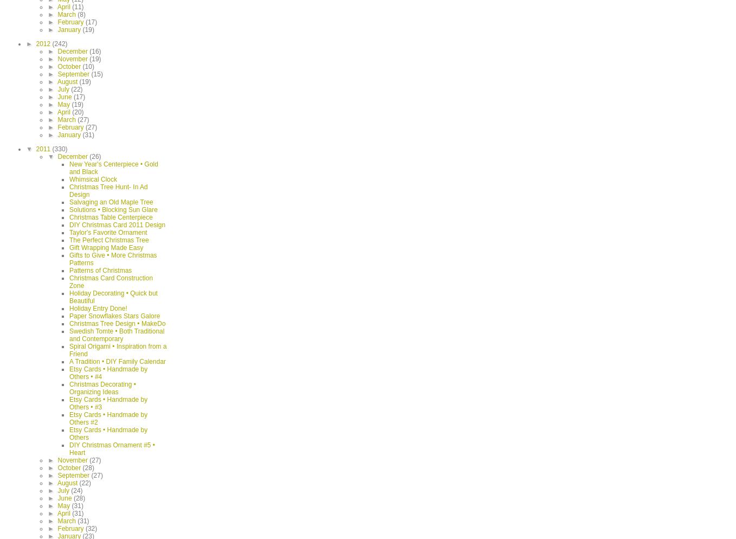  I want to click on '(20)', so click(71, 111).